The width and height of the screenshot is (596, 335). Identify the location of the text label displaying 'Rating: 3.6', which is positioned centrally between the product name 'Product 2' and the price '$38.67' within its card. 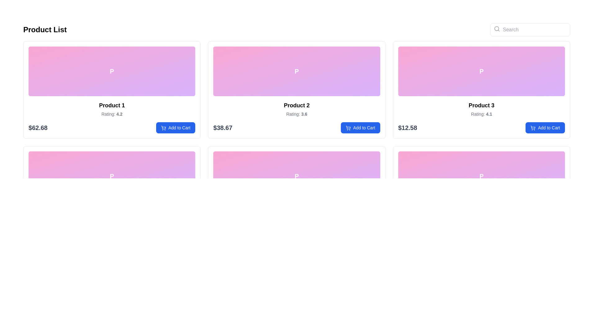
(296, 114).